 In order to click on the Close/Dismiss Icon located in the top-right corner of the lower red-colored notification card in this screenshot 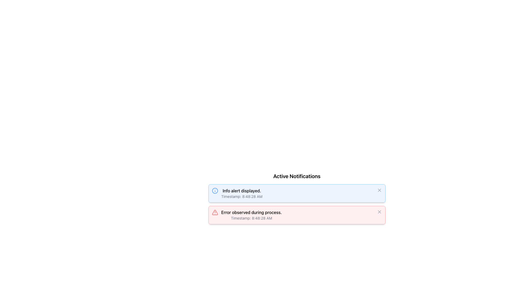, I will do `click(379, 211)`.